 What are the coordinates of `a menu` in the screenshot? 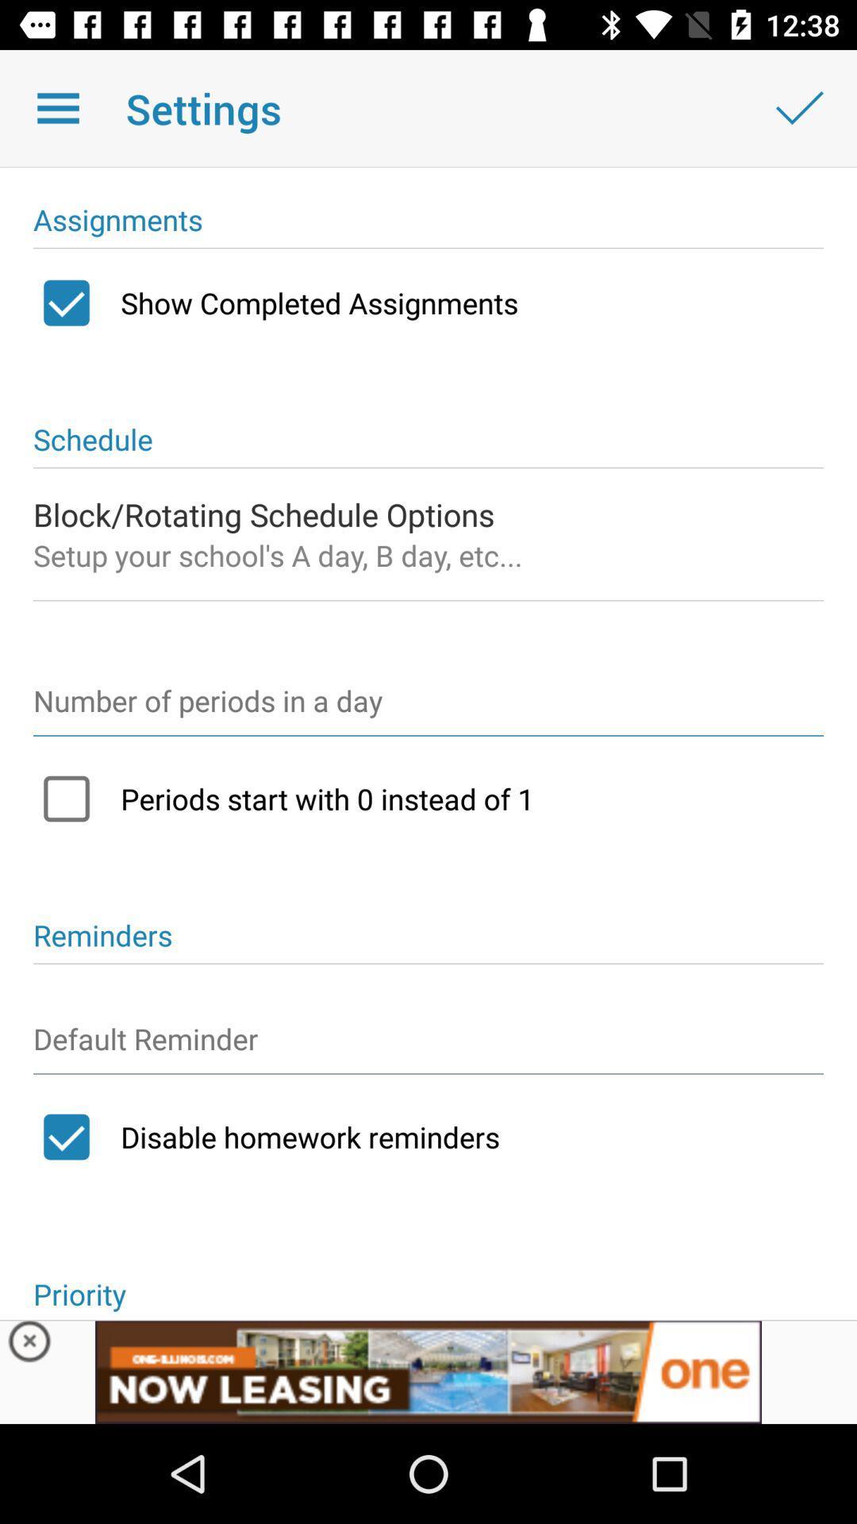 It's located at (57, 107).